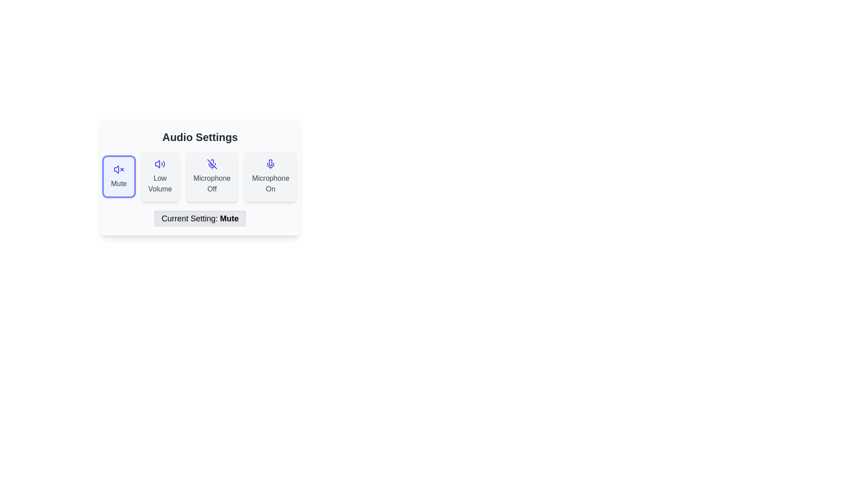 Image resolution: width=856 pixels, height=482 pixels. Describe the element at coordinates (118, 170) in the screenshot. I see `the muted audio icon within the 'Mute' button, which indicates the audio mute function` at that location.